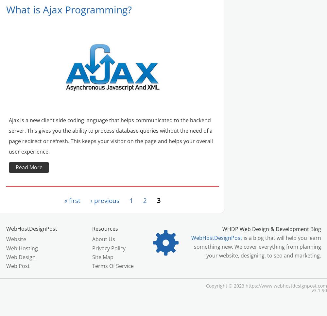 This screenshot has height=316, width=327. Describe the element at coordinates (144, 200) in the screenshot. I see `'2'` at that location.